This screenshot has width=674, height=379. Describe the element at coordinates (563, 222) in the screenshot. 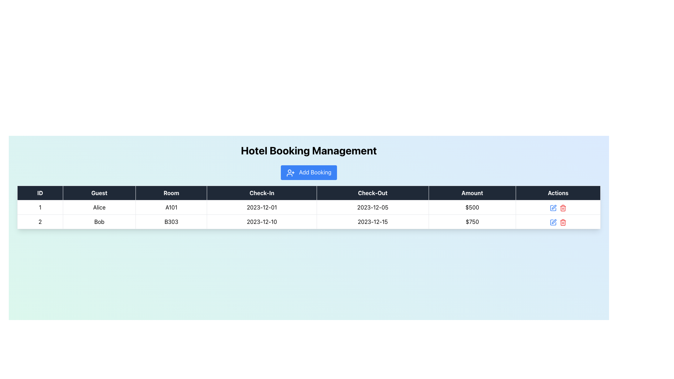

I see `the red trash bin icon in the second row of the 'Actions' column` at that location.